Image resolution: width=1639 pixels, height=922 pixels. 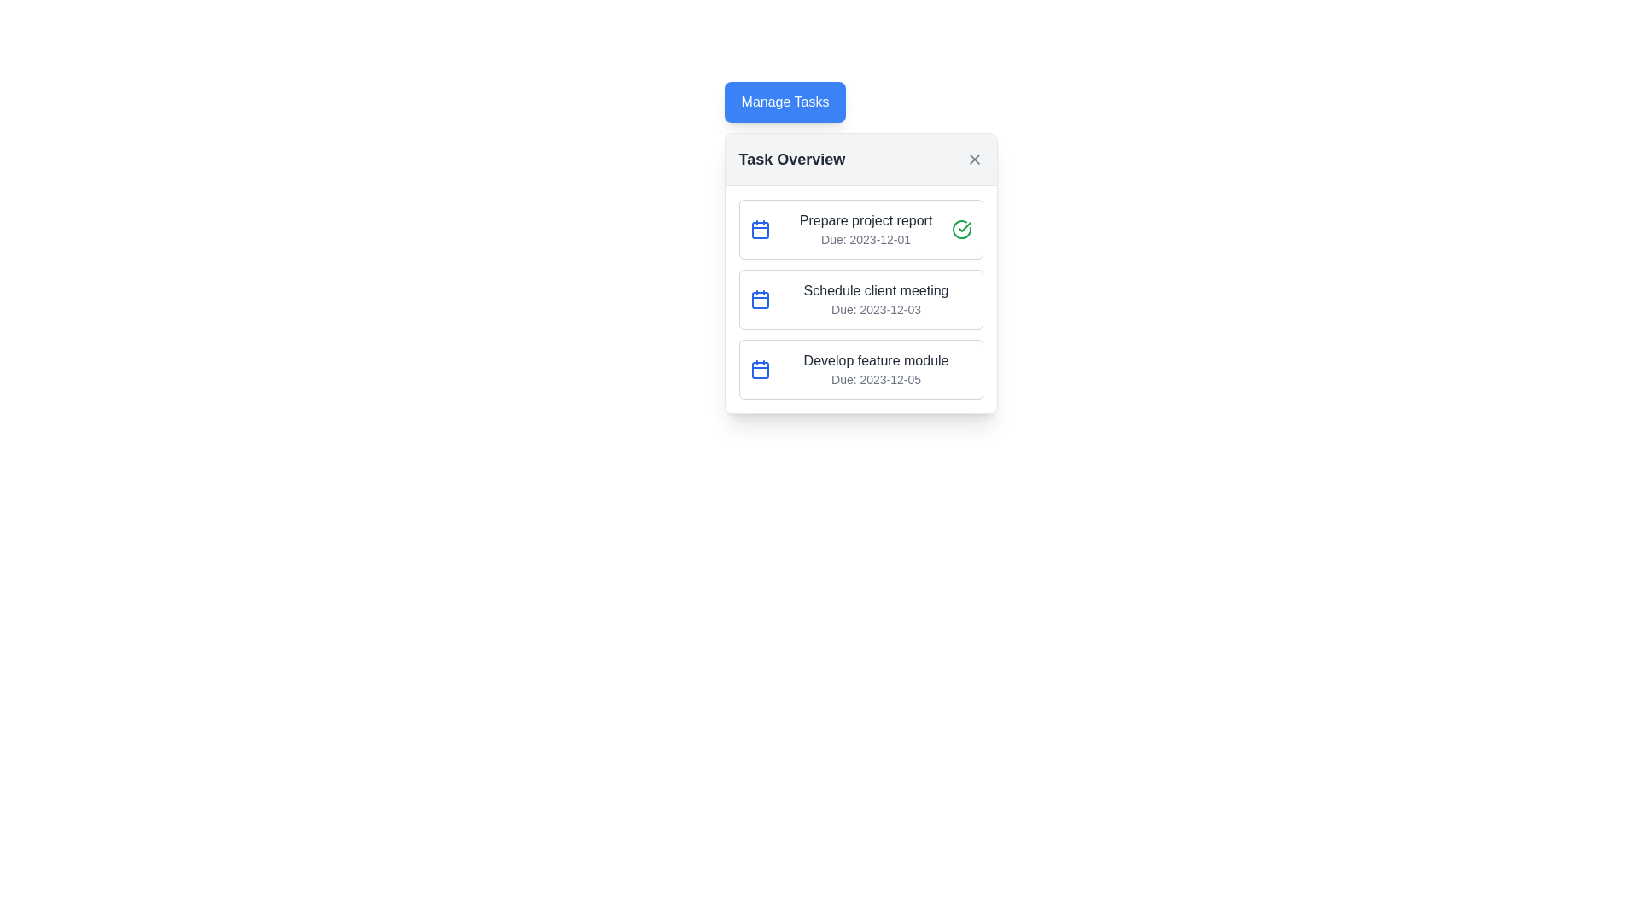 What do you see at coordinates (961, 229) in the screenshot?
I see `the rightmost icon in the 'Task Overview' card that indicates task completion, aligned with 'Prepare project report'` at bounding box center [961, 229].